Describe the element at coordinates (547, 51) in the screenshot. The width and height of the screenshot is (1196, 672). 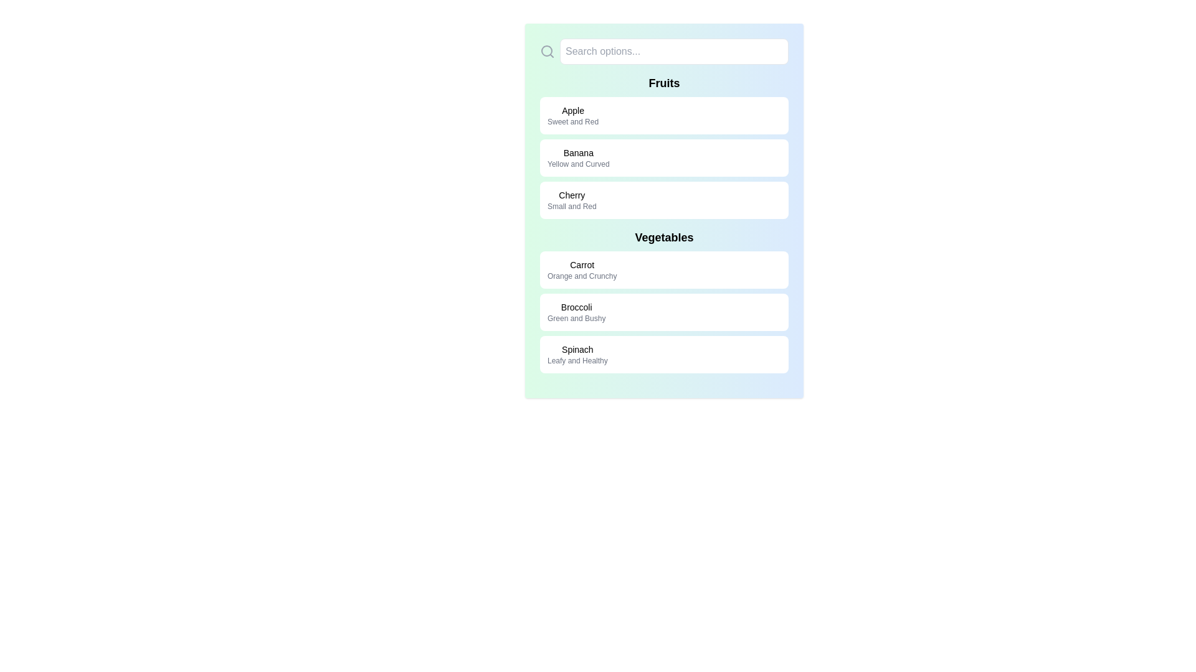
I see `the magnifying glass icon located at the leftmost side of the search input field, which is styled in a horizontally aligned layout` at that location.